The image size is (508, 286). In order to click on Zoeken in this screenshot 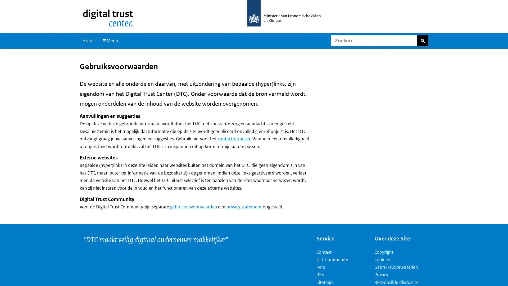, I will do `click(422, 41)`.